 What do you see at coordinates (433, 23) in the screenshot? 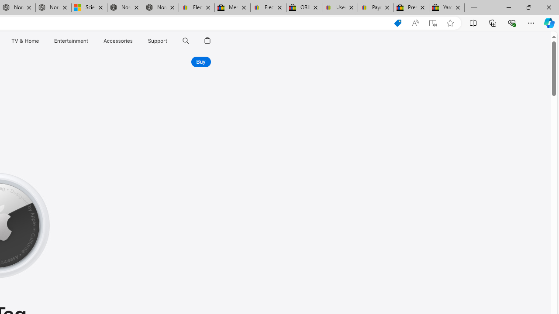
I see `'Enter Immersive Reader (F9)'` at bounding box center [433, 23].